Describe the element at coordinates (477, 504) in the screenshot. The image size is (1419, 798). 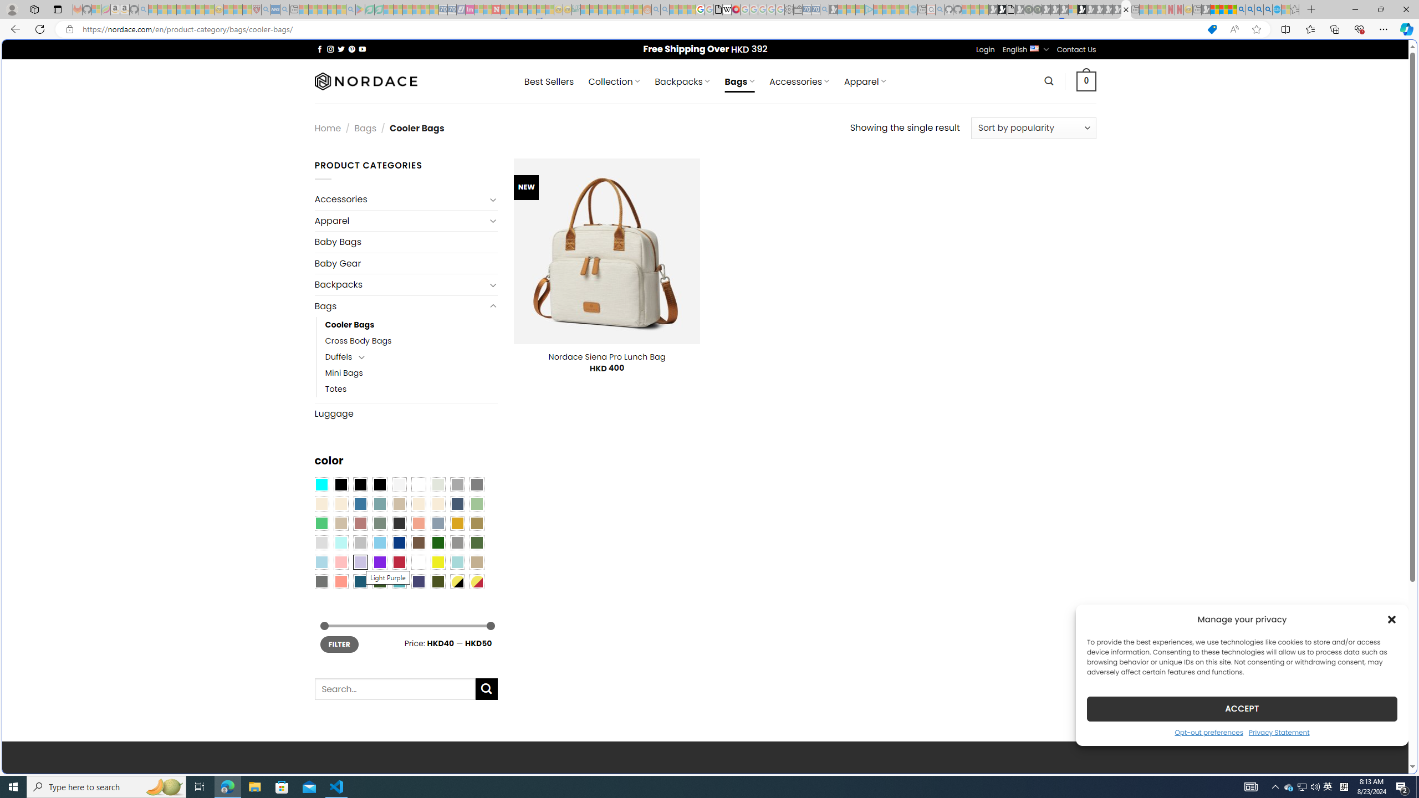
I see `'Light Green'` at that location.